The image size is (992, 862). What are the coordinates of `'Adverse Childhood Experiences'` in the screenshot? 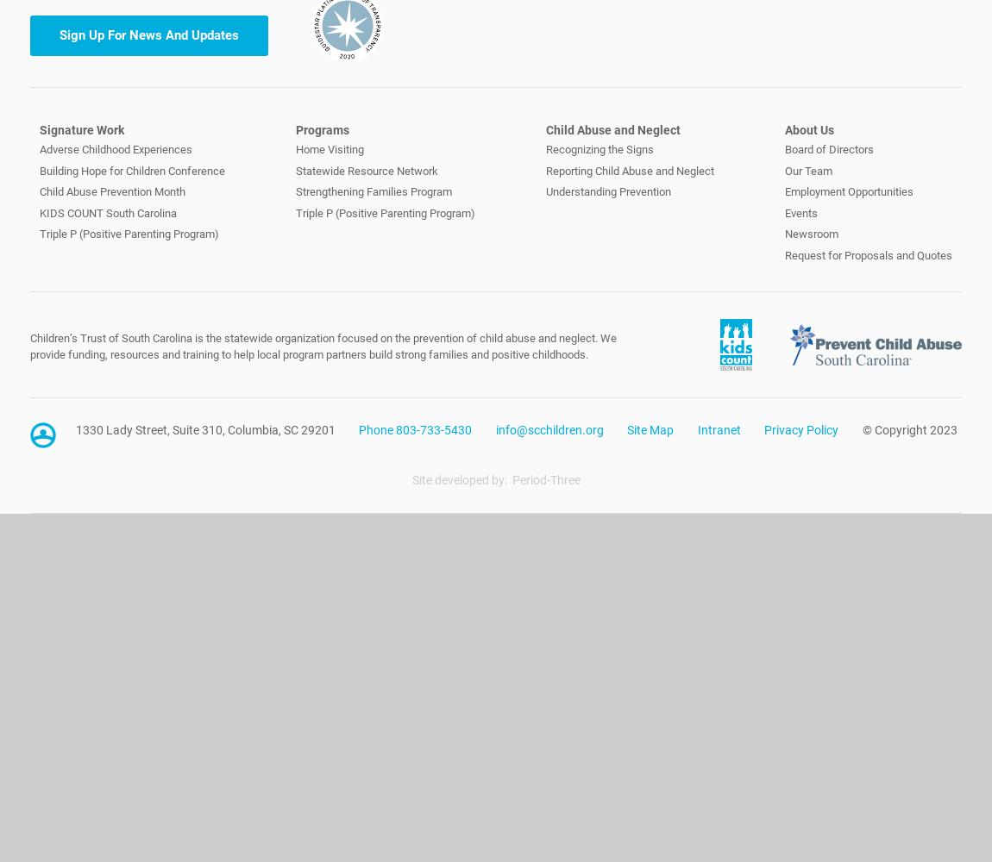 It's located at (37, 149).